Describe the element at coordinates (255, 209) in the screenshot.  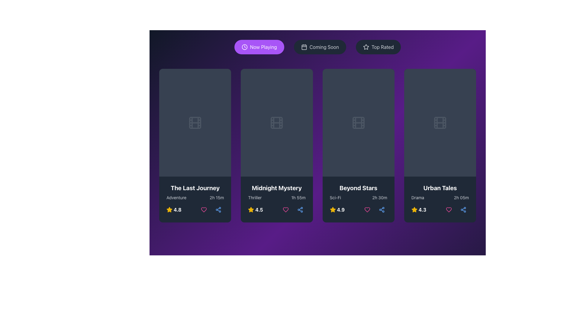
I see `text element displaying the value '4.5' prominently in bold font, located within the 'Midnight Mystery' card next to the yellow star icon` at that location.